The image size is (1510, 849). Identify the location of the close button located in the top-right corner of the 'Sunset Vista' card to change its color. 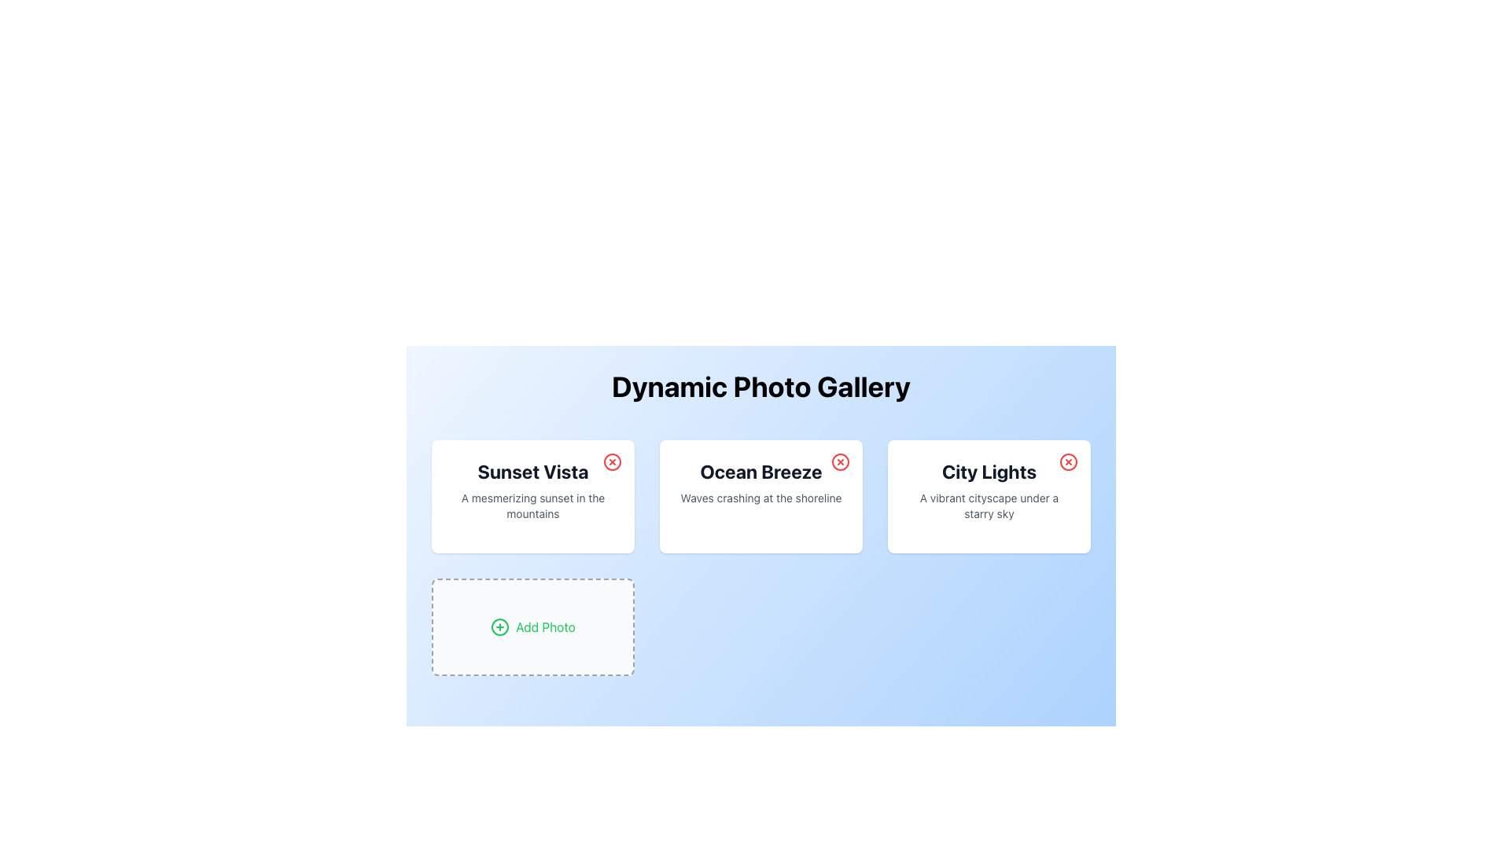
(611, 461).